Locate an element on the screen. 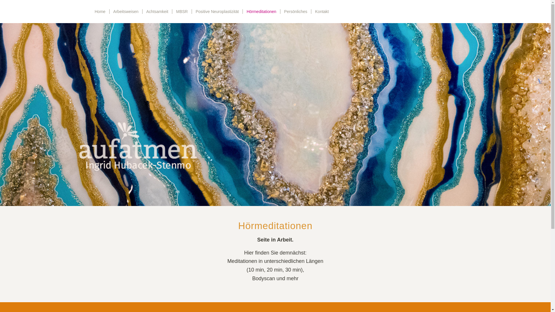 Image resolution: width=555 pixels, height=312 pixels. 'Arbeitsweisen' is located at coordinates (125, 11).